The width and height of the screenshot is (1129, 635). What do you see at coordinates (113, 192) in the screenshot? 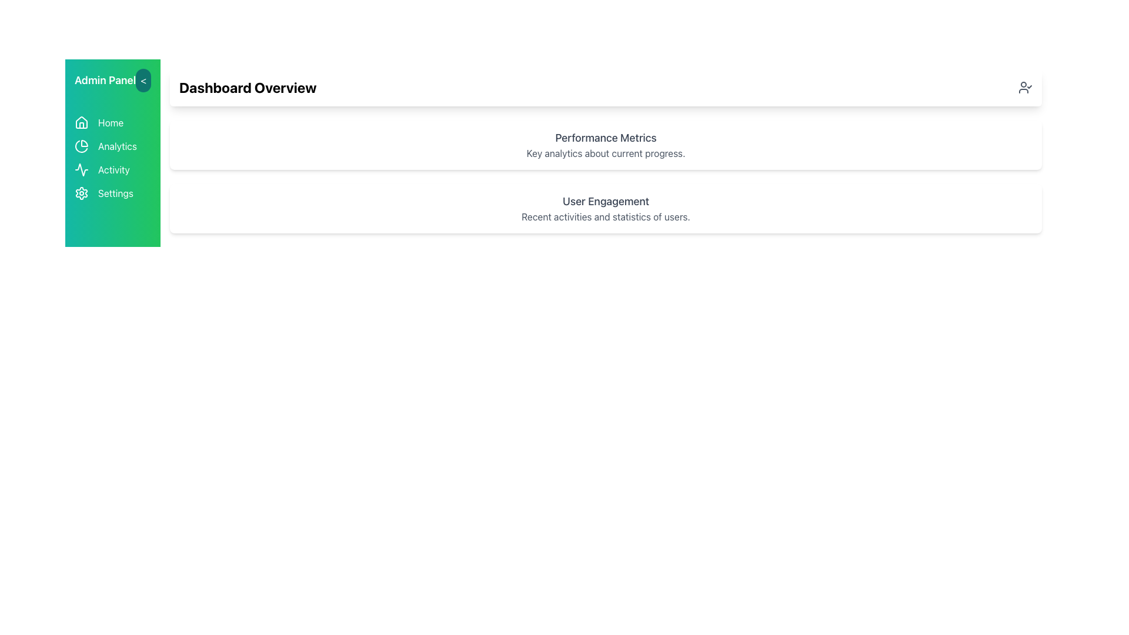
I see `the Settings button located in the vertical menu on the left side of the interface for accessibility navigation` at bounding box center [113, 192].